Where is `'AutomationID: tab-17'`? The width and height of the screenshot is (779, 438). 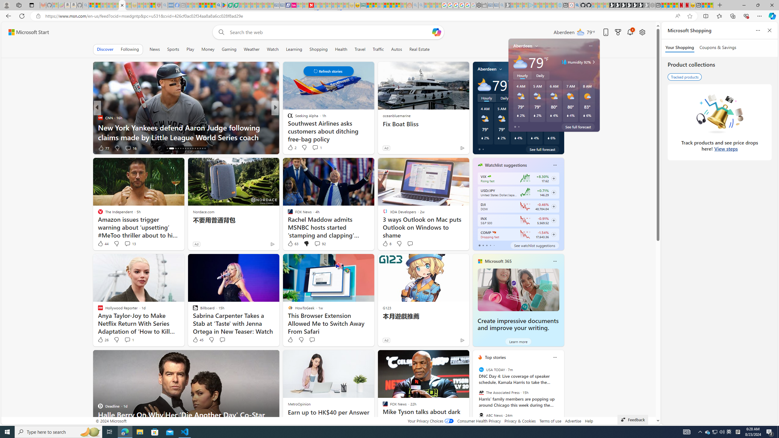
'AutomationID: tab-17' is located at coordinates (170, 148).